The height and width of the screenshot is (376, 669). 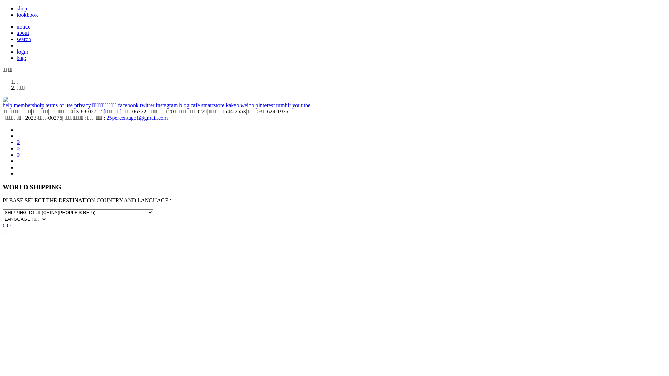 I want to click on 'lookbook', so click(x=27, y=15).